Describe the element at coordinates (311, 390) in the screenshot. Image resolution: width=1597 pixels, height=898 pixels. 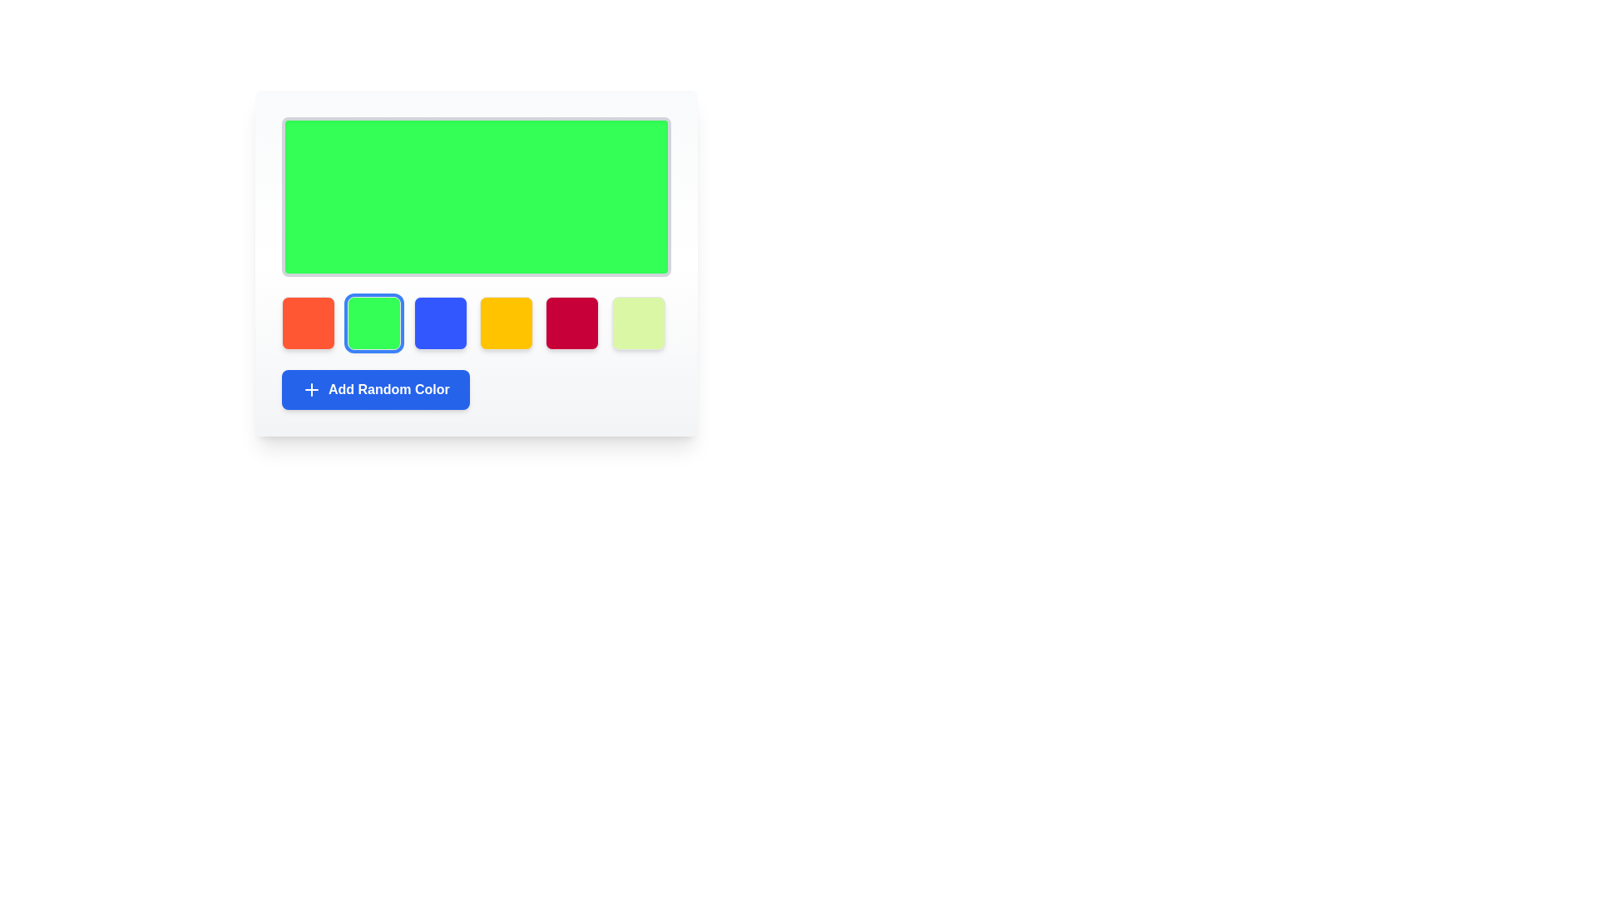
I see `the plus icon within the 'Add Random Color' button` at that location.